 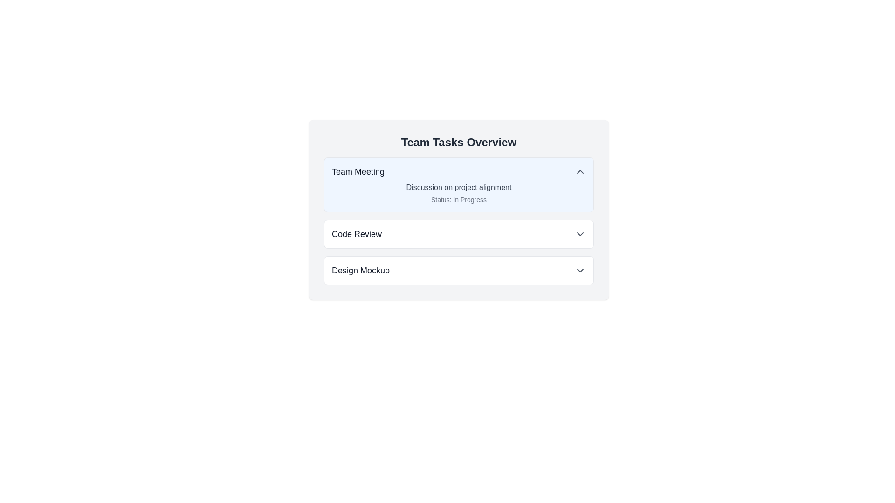 I want to click on the 'Design Mockup' collapsible card located in the 'Team Tasks Overview' section, so click(x=459, y=271).